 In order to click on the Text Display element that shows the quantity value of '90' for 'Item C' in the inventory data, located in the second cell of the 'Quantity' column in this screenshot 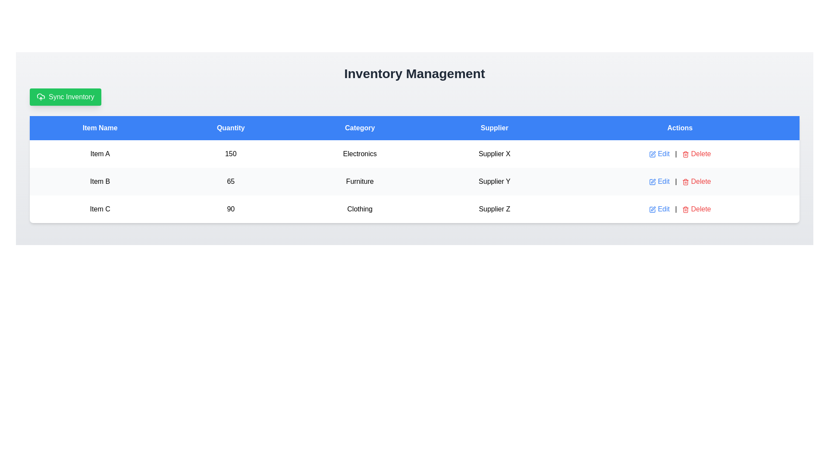, I will do `click(231, 209)`.